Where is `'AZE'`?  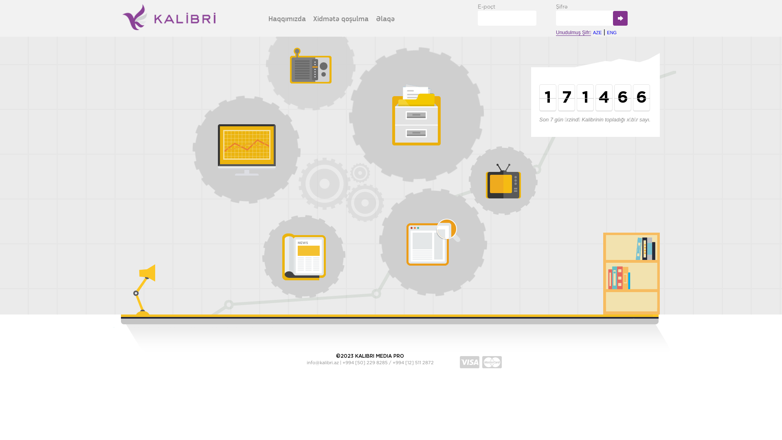
'AZE' is located at coordinates (597, 32).